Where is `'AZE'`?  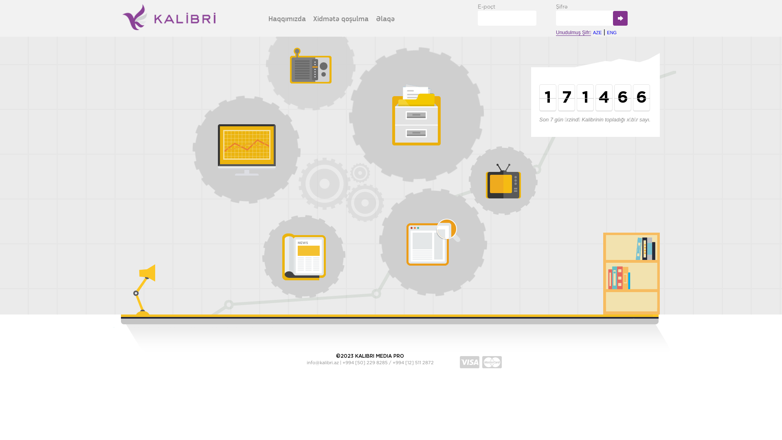
'AZE' is located at coordinates (597, 32).